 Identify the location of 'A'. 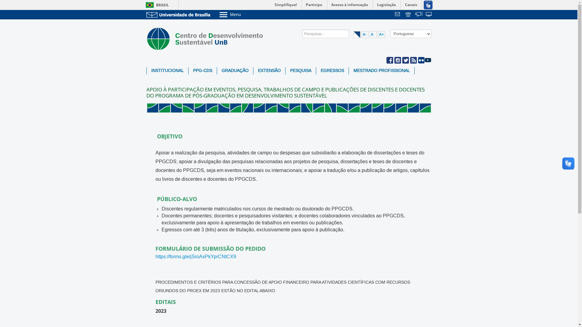
(373, 35).